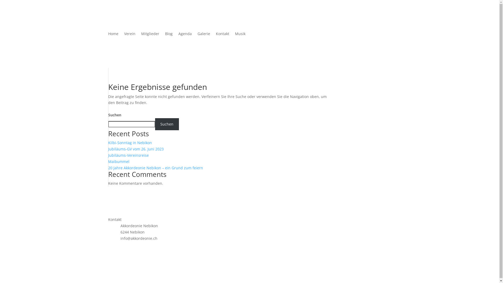 This screenshot has height=283, width=503. I want to click on 'Suchen', so click(155, 124).